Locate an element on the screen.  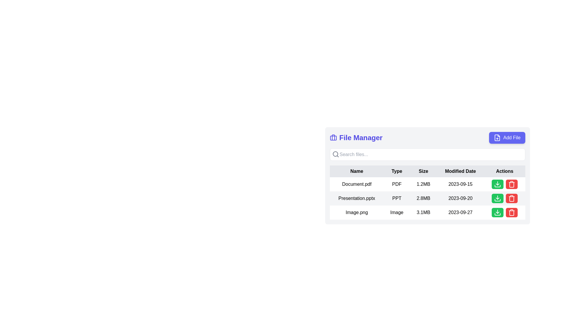
displayed file size '3.1MB' from the text node located under the 'Size' column in the third row of the tabular file manager interface is located at coordinates (423, 212).